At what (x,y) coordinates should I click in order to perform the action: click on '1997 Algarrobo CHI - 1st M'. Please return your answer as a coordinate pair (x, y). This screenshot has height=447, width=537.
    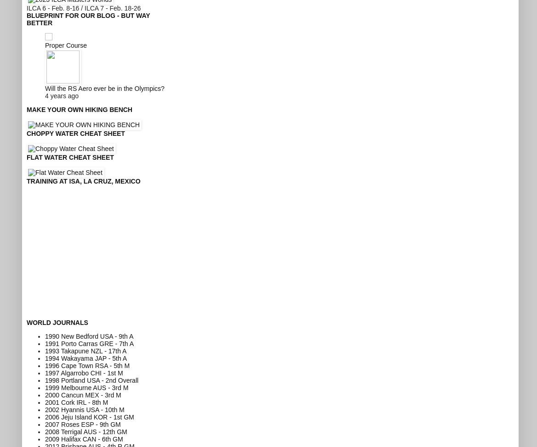
    Looking at the image, I should click on (84, 373).